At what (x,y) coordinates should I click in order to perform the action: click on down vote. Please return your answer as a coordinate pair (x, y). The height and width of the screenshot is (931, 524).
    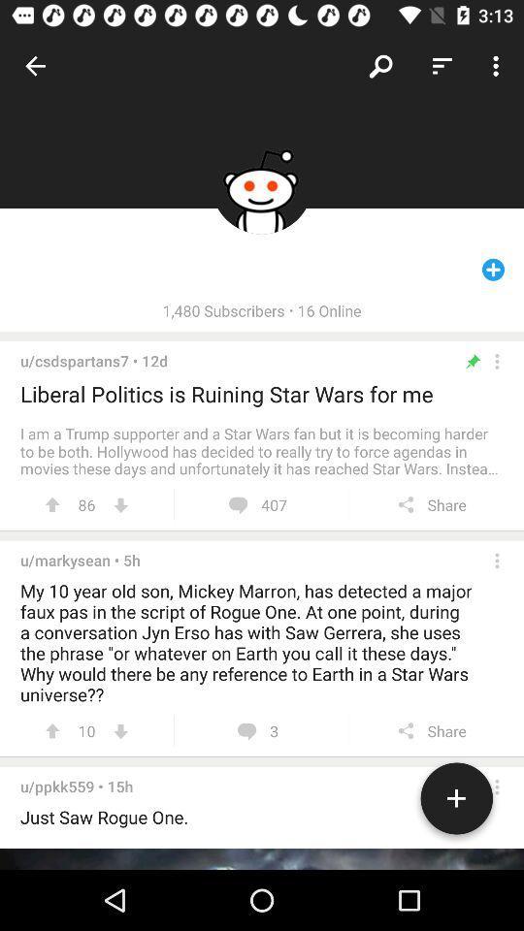
    Looking at the image, I should click on (120, 503).